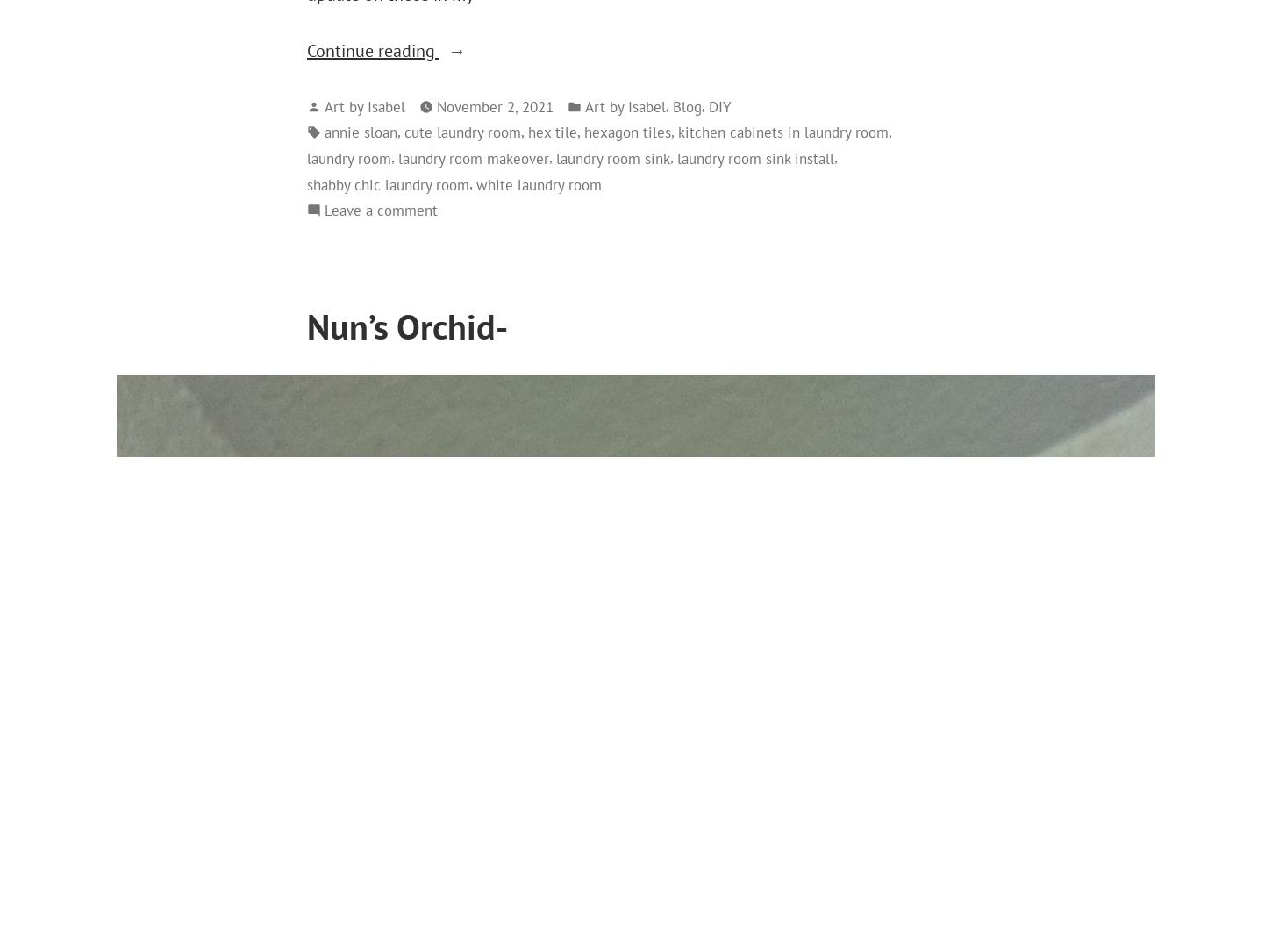 The height and width of the screenshot is (944, 1272). What do you see at coordinates (307, 157) in the screenshot?
I see `'laundry room'` at bounding box center [307, 157].